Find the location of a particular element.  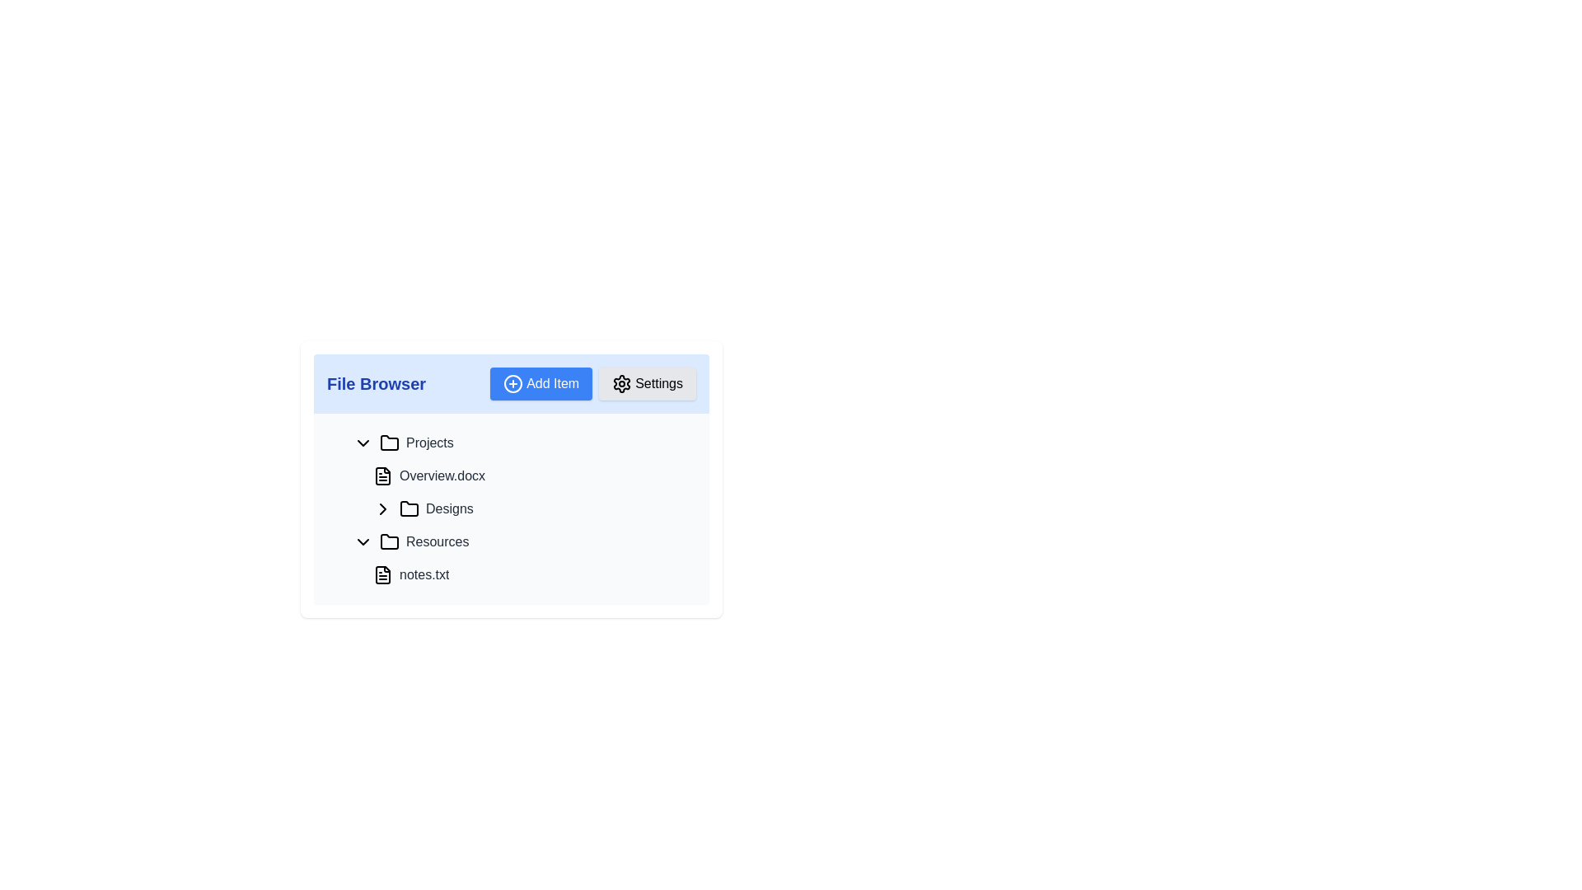

the icon representing the 'notes.txt' file in the file browser's 'Resources' section, positioned to the left of the text label is located at coordinates (382, 574).